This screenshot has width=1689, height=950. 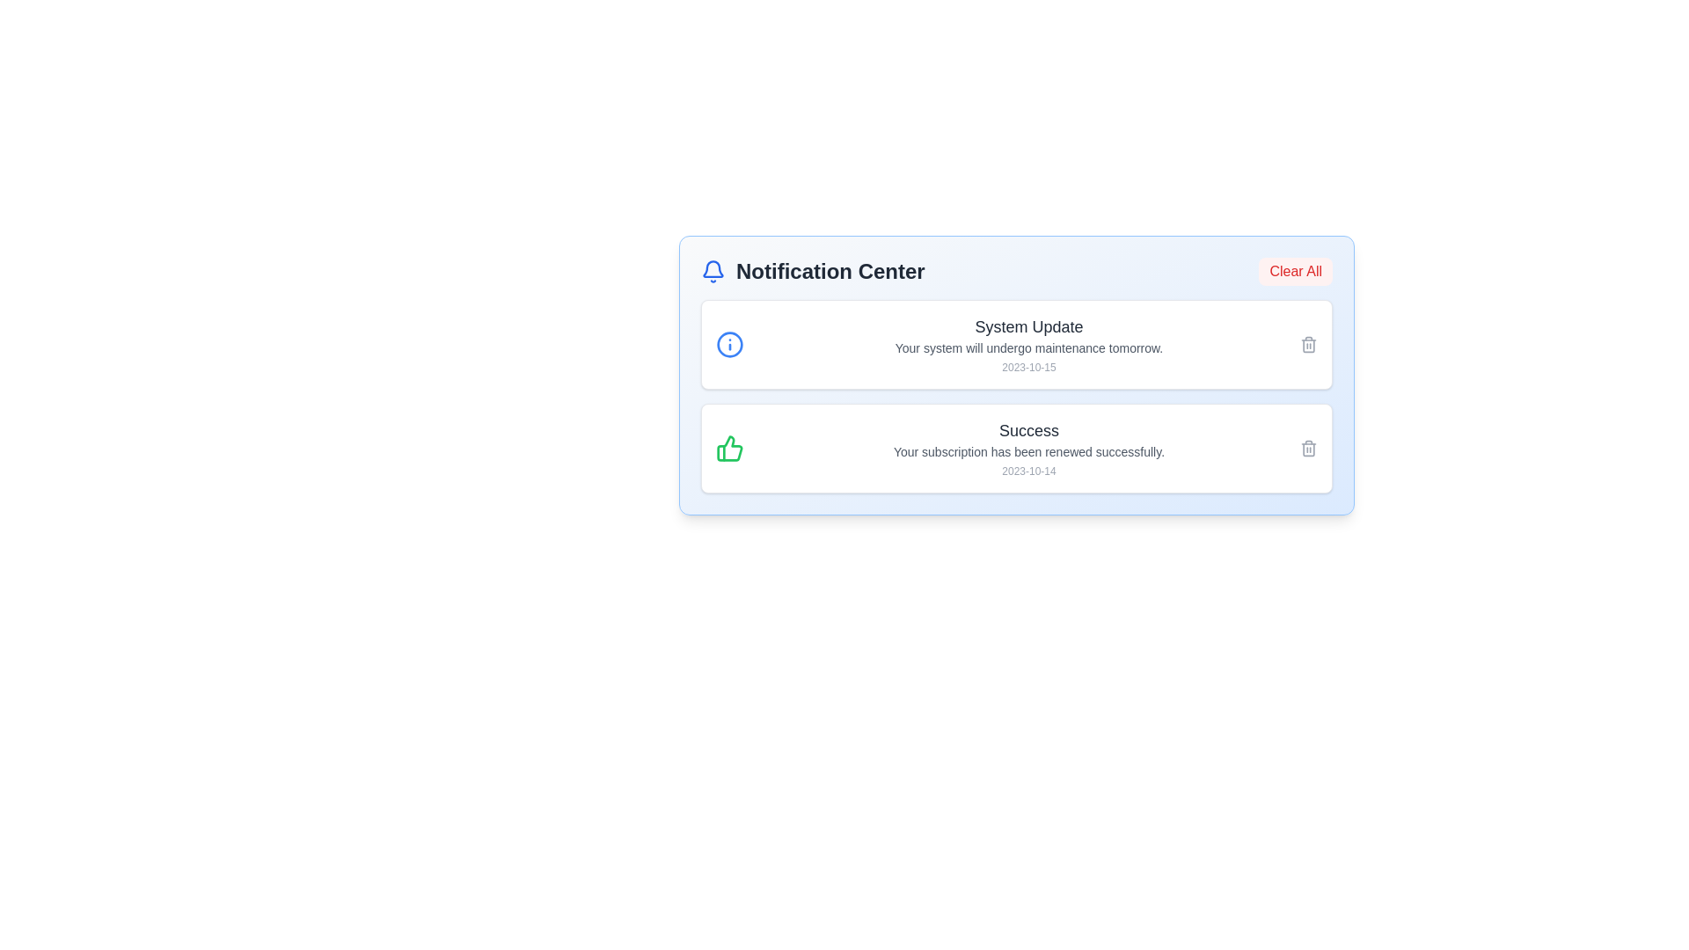 I want to click on the 'Notification Center' header element, which includes a bell icon and the text styled in bold dark gray, located in the top-left of the notification panel, so click(x=812, y=271).